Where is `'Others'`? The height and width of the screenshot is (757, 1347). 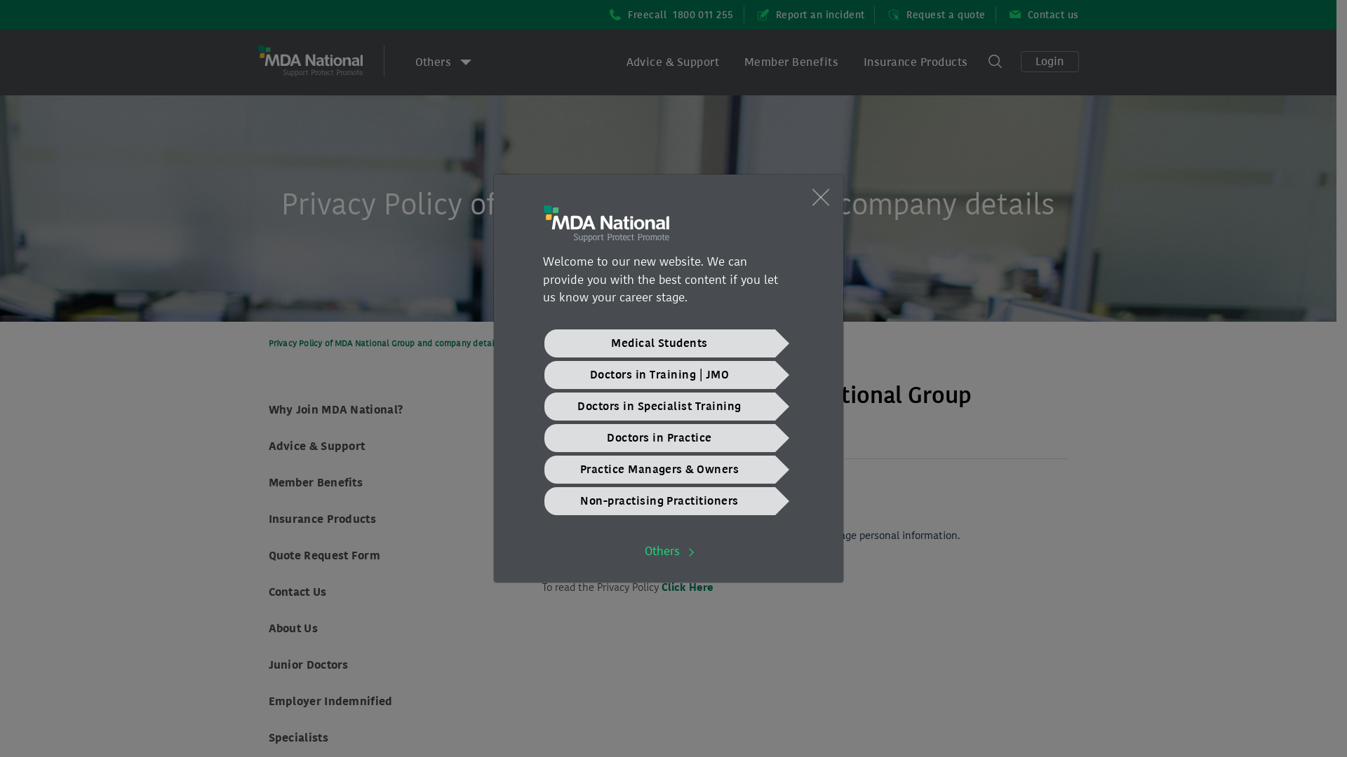
'Others' is located at coordinates (639, 550).